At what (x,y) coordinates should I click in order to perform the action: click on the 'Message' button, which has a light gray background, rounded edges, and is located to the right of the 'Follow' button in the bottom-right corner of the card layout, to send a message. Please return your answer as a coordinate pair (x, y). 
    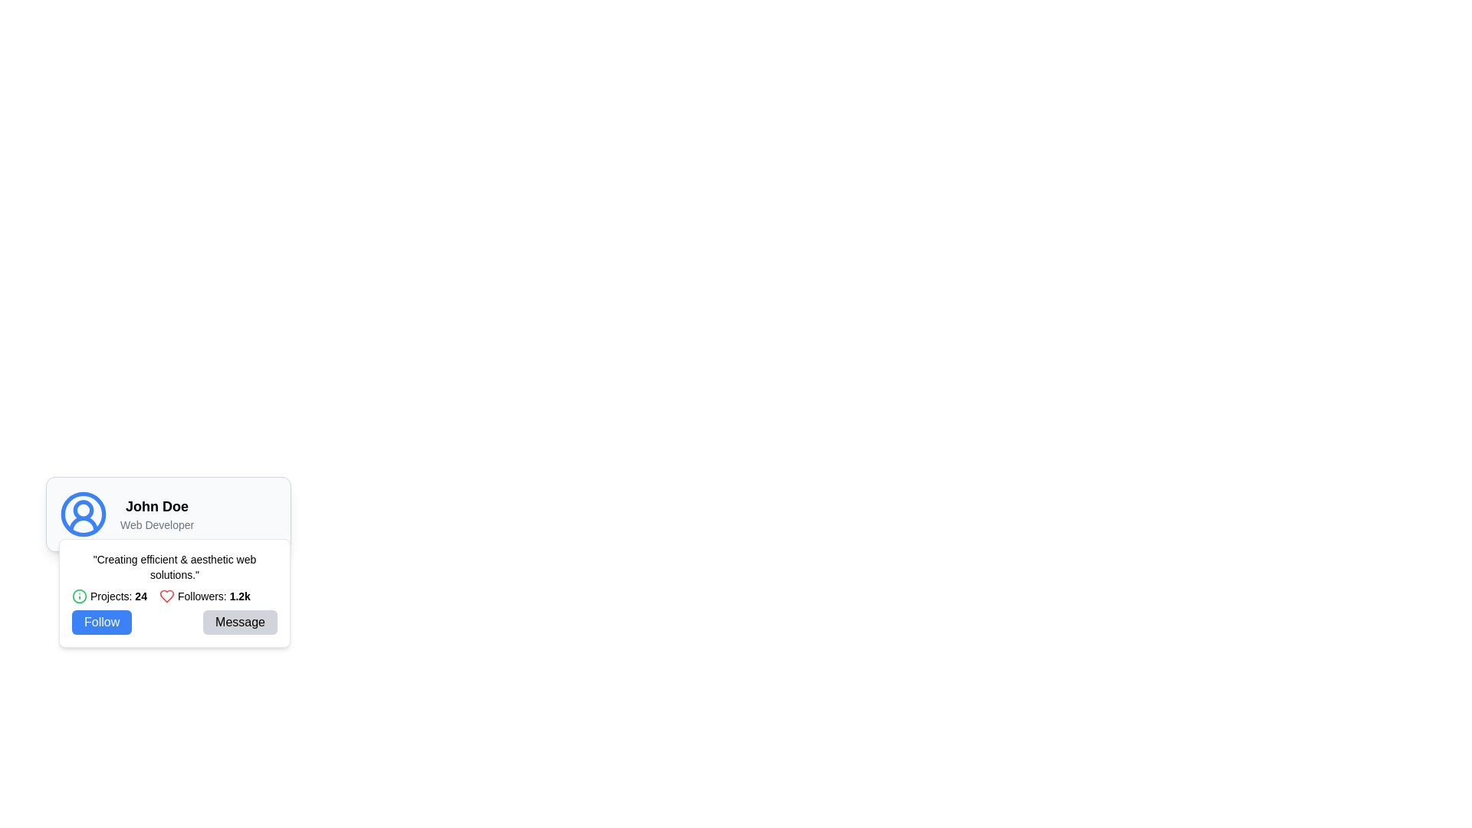
    Looking at the image, I should click on (239, 623).